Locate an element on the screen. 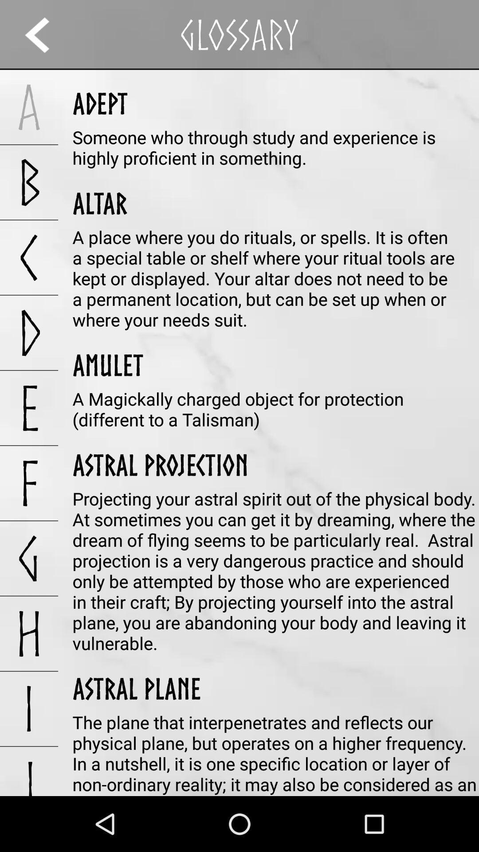 The image size is (479, 852). the d is located at coordinates (28, 332).